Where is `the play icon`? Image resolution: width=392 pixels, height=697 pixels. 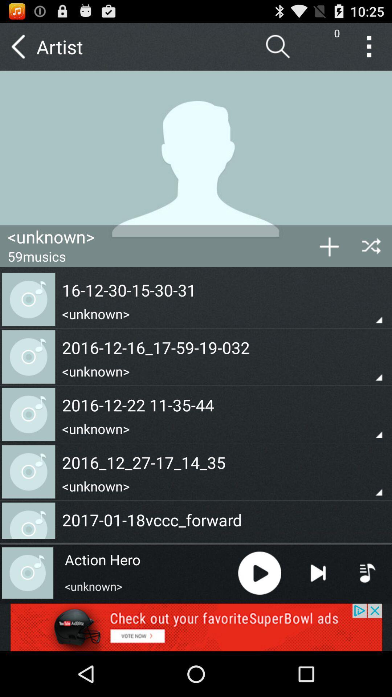 the play icon is located at coordinates (259, 613).